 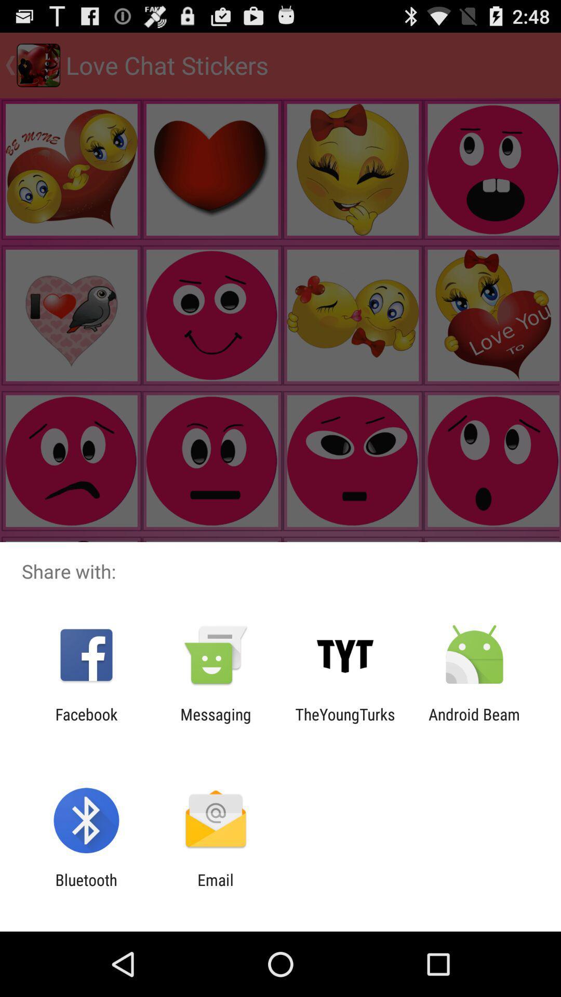 I want to click on facebook app, so click(x=86, y=723).